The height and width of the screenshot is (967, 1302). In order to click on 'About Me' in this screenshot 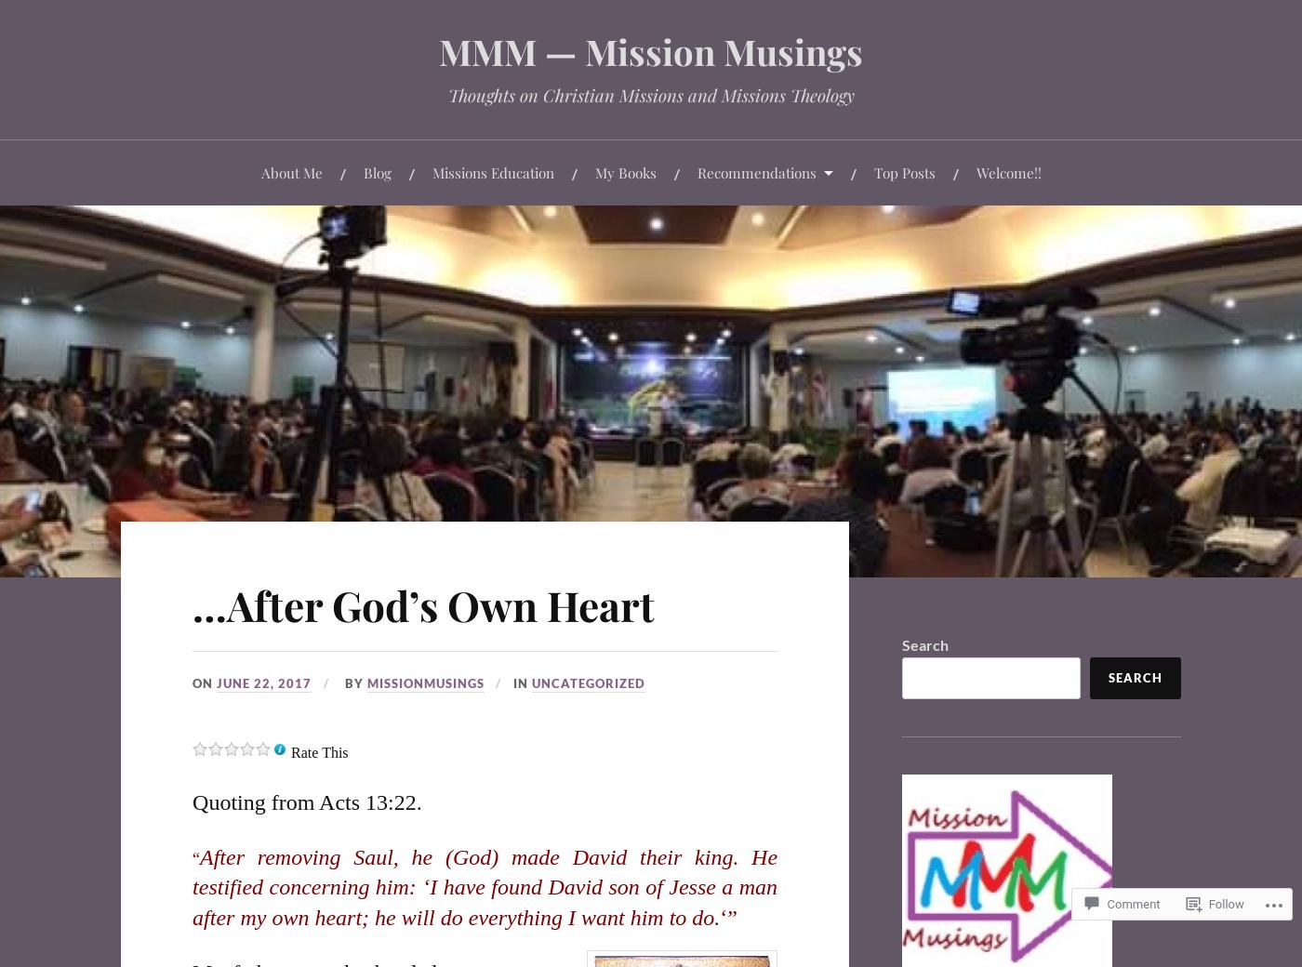, I will do `click(291, 171)`.